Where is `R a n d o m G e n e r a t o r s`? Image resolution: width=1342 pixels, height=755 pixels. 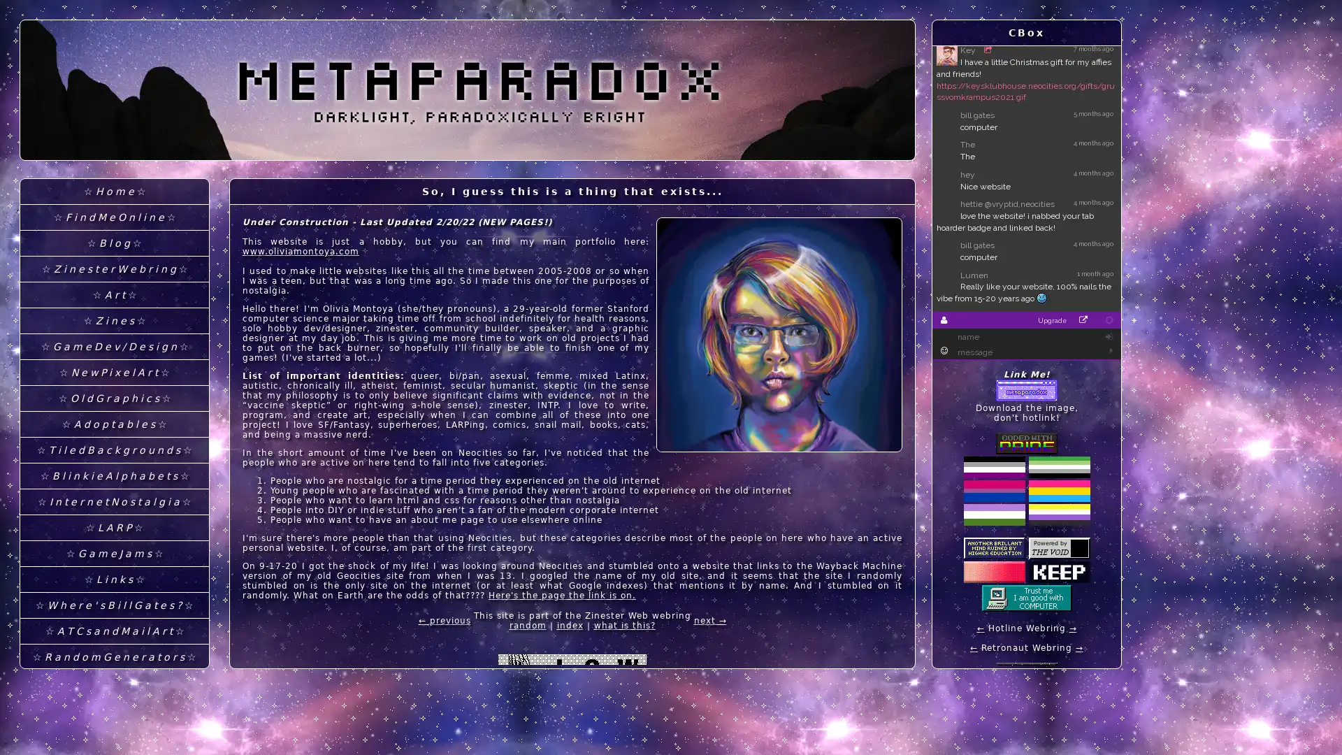
R a n d o m G e n e r a t o r s is located at coordinates (114, 657).